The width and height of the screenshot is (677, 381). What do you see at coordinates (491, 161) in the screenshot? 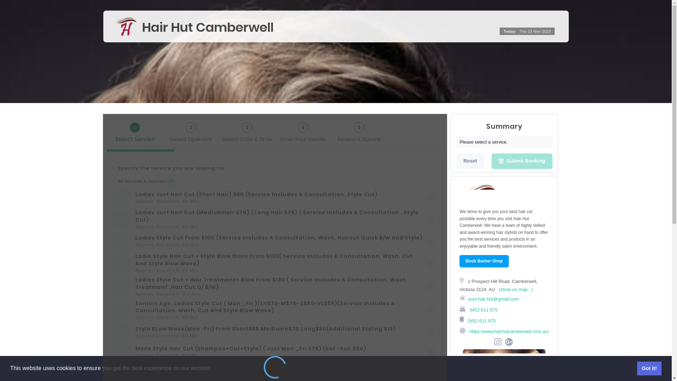
I see `'Submit Booking'` at bounding box center [491, 161].